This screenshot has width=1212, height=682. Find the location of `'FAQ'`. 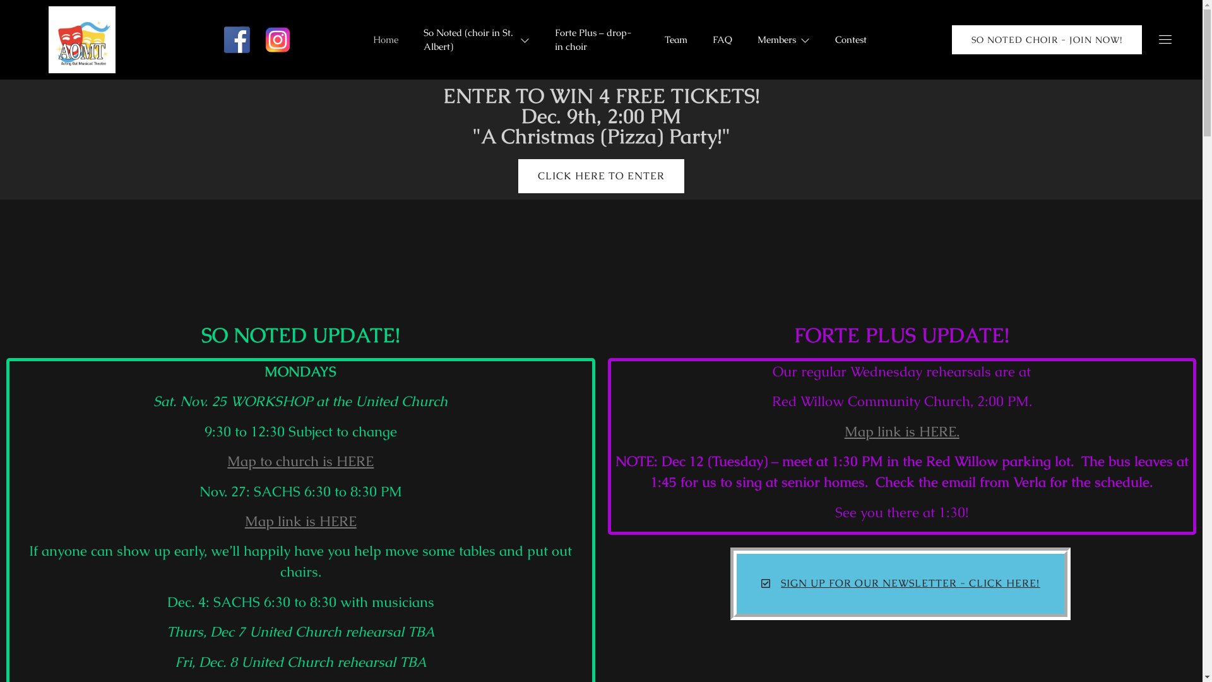

'FAQ' is located at coordinates (722, 39).